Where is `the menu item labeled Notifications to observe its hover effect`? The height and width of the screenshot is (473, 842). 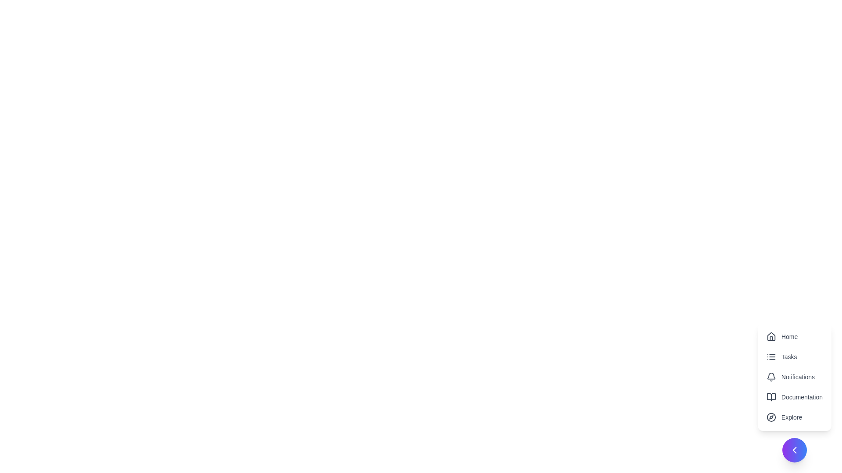 the menu item labeled Notifications to observe its hover effect is located at coordinates (794, 376).